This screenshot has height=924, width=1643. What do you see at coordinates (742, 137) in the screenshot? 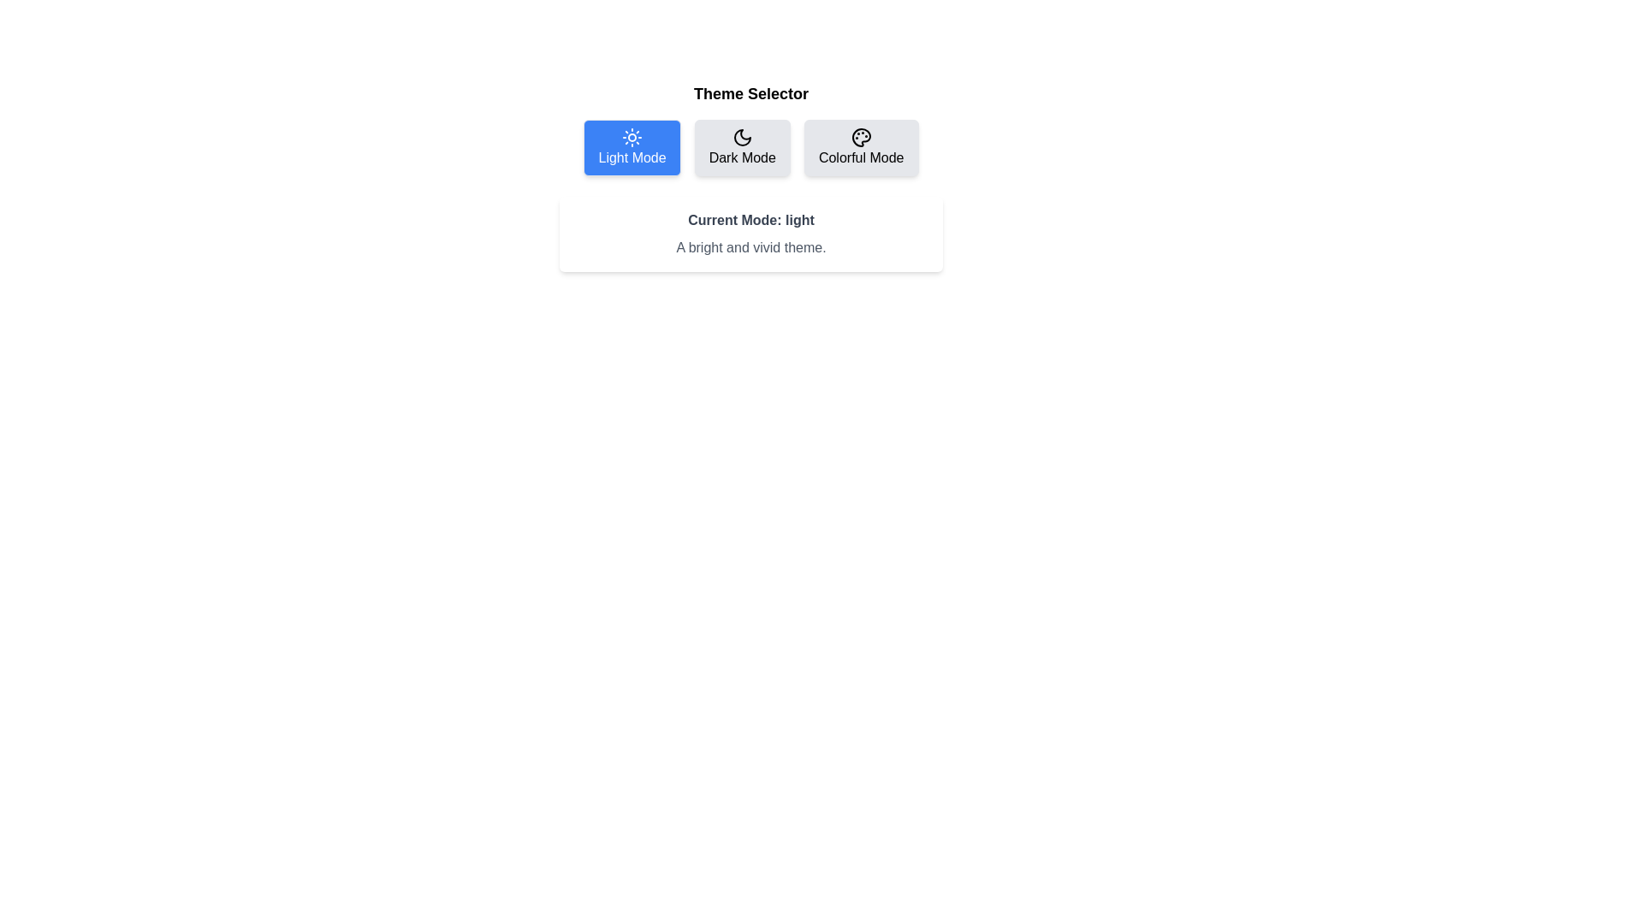
I see `the dark mode icon, which is the second icon in the row of options titled 'Dark Mode'` at bounding box center [742, 137].